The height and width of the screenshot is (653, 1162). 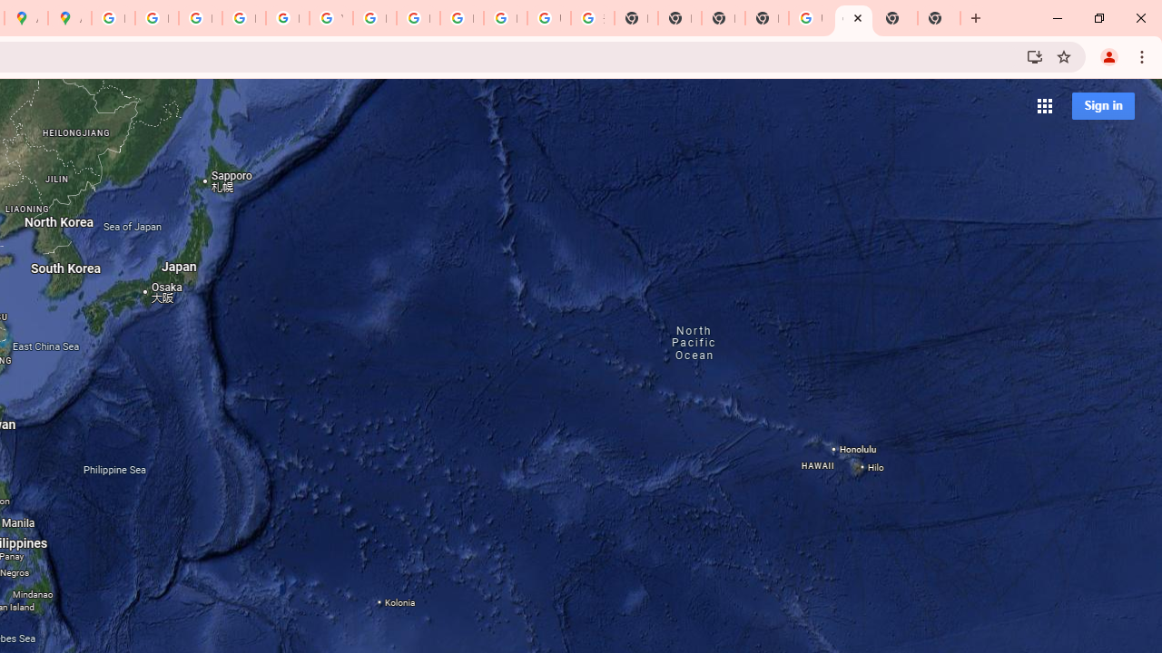 I want to click on 'New Tab', so click(x=939, y=18).